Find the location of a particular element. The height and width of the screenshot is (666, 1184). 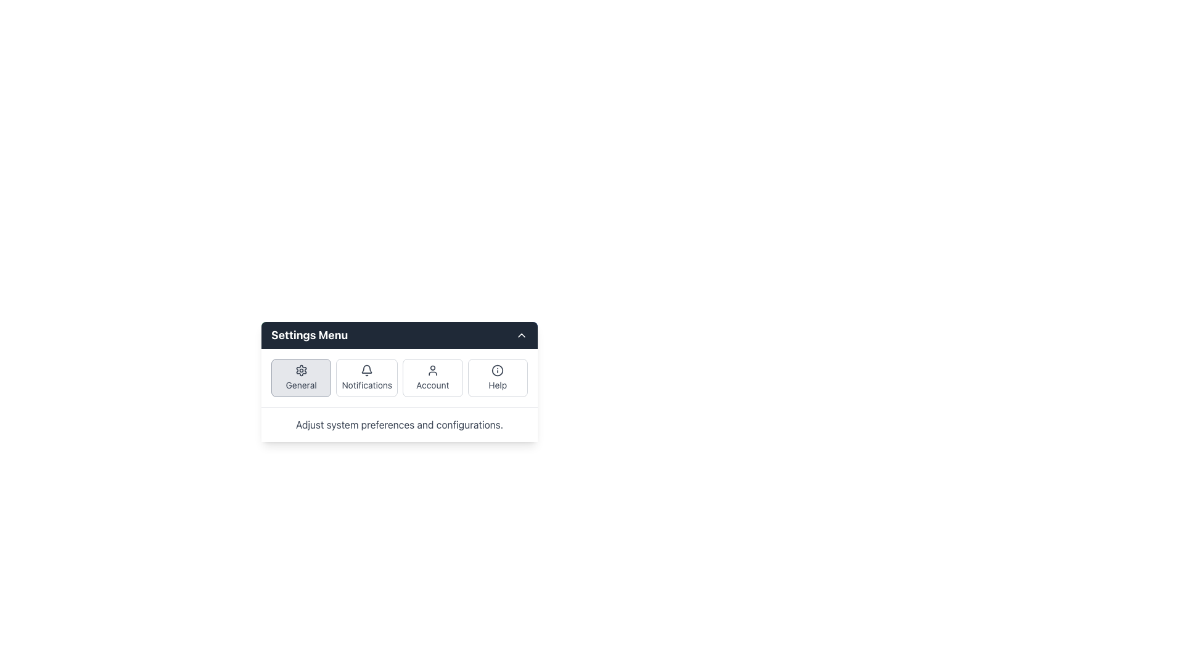

the text label 'Account' that is styled in a small font size, located below the user icon in the third item of a horizontal menu grid in the settings interface is located at coordinates (432, 384).